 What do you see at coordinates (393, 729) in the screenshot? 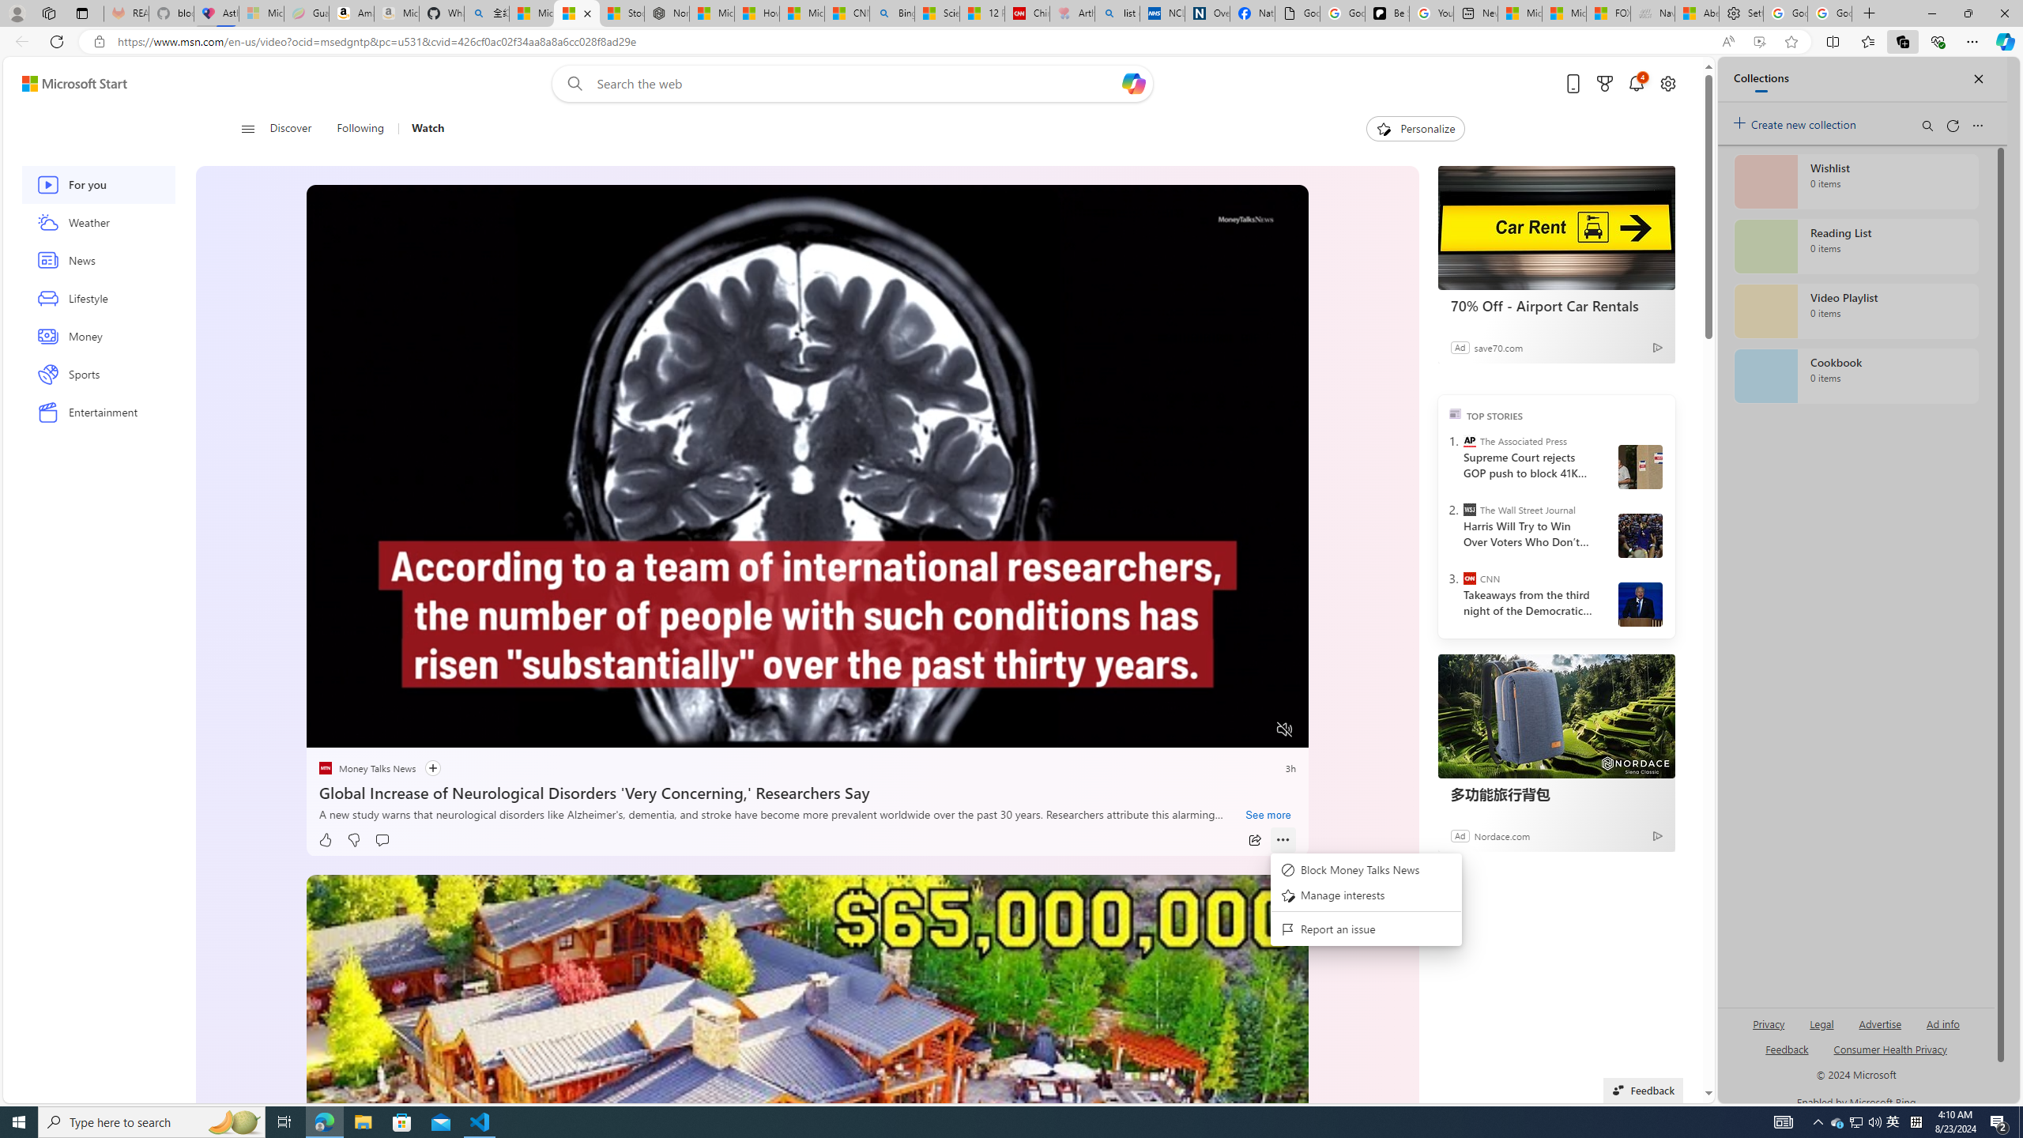
I see `'Seek Forward'` at bounding box center [393, 729].